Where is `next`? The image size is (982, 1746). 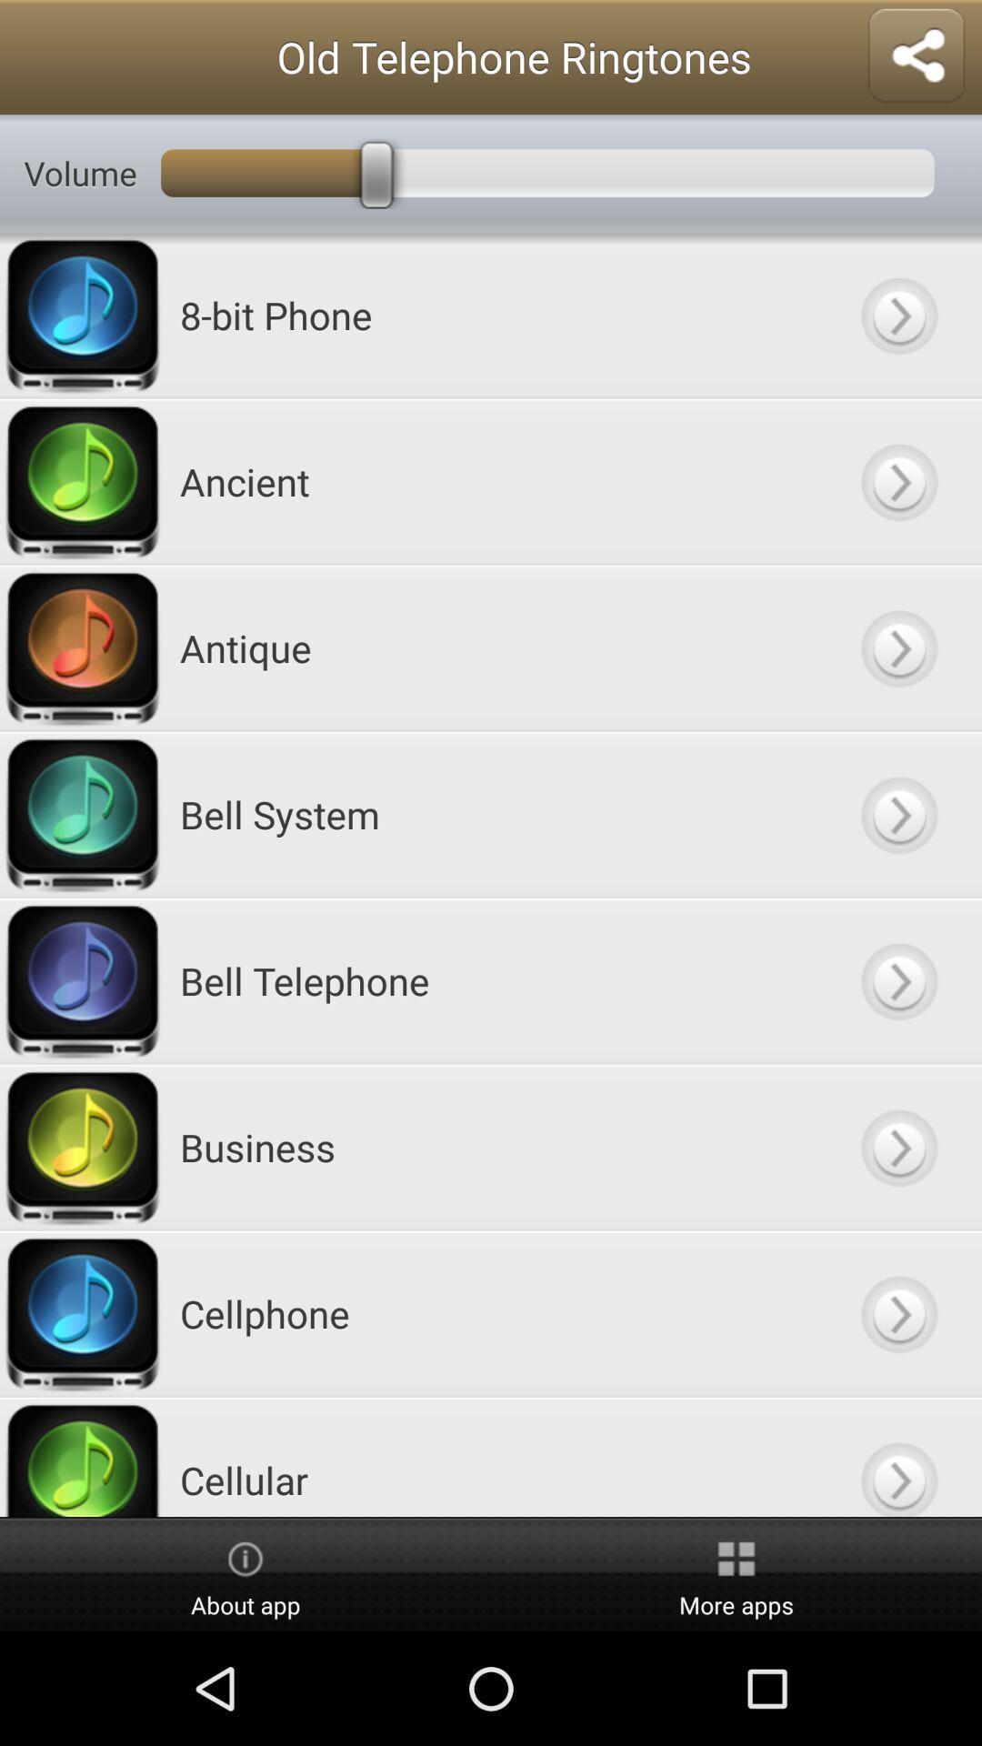
next is located at coordinates (897, 1313).